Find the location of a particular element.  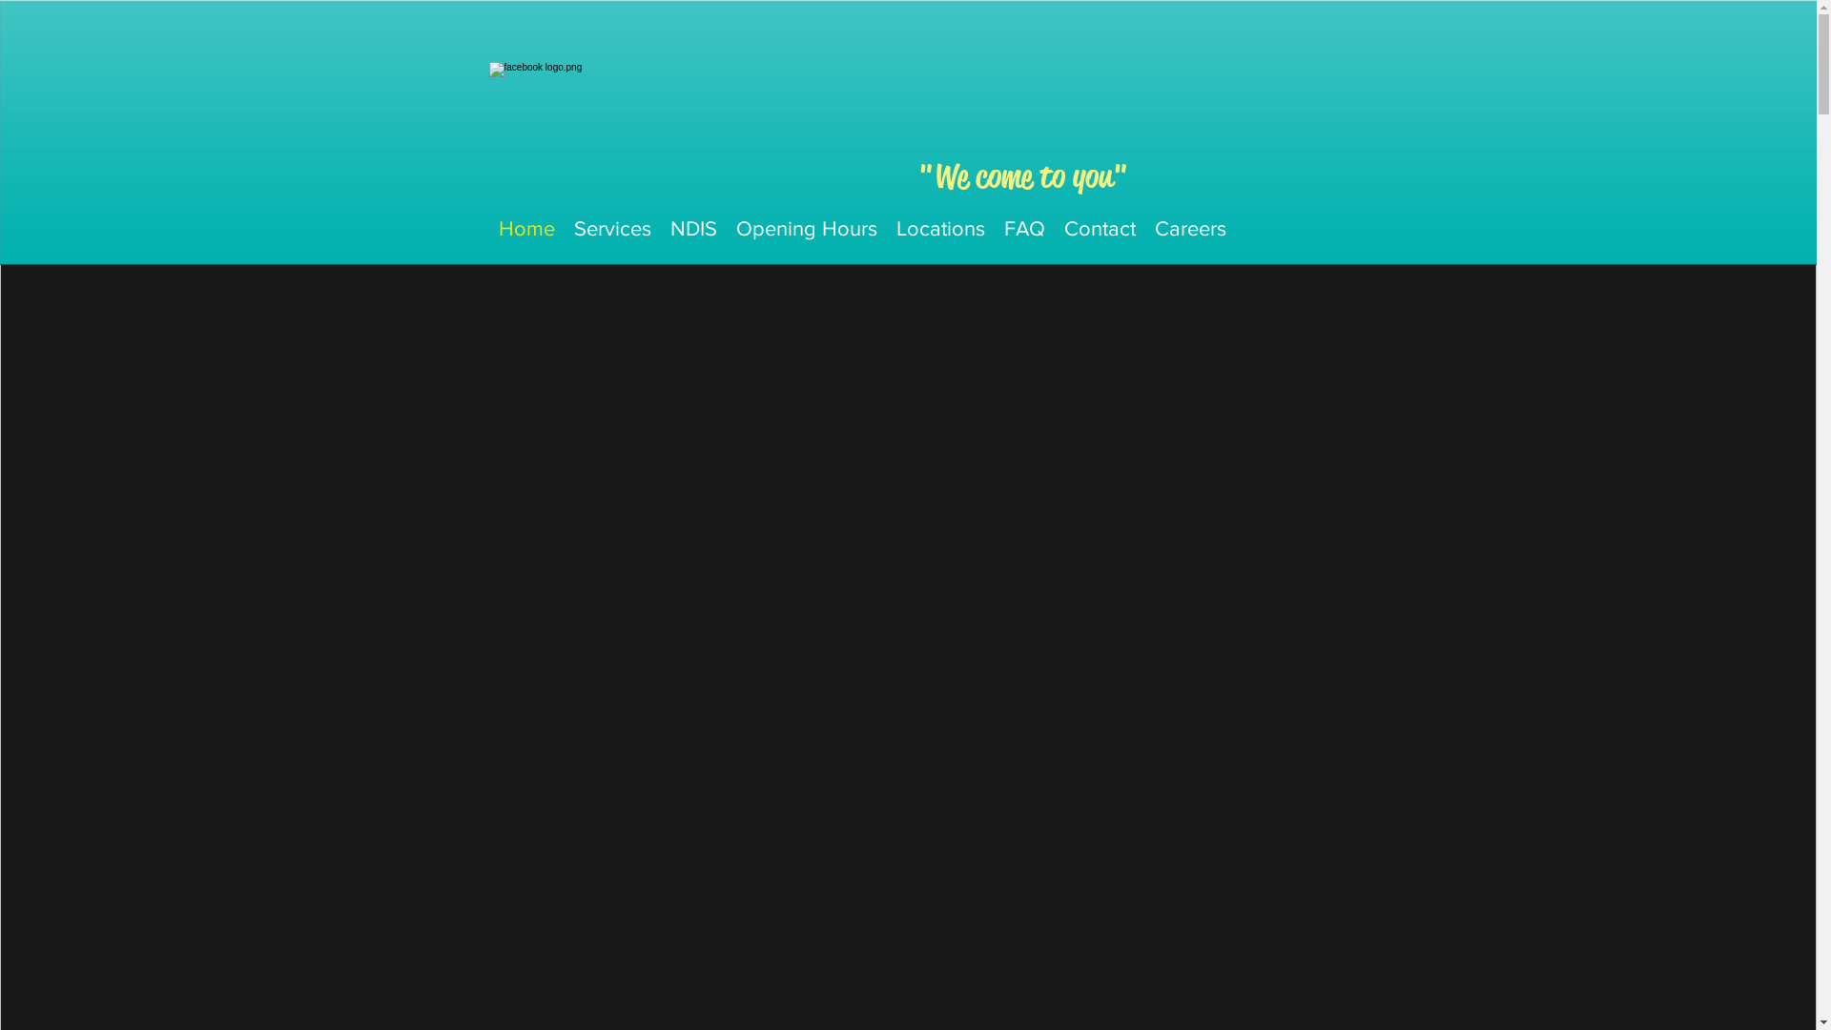

'Services' is located at coordinates (612, 227).